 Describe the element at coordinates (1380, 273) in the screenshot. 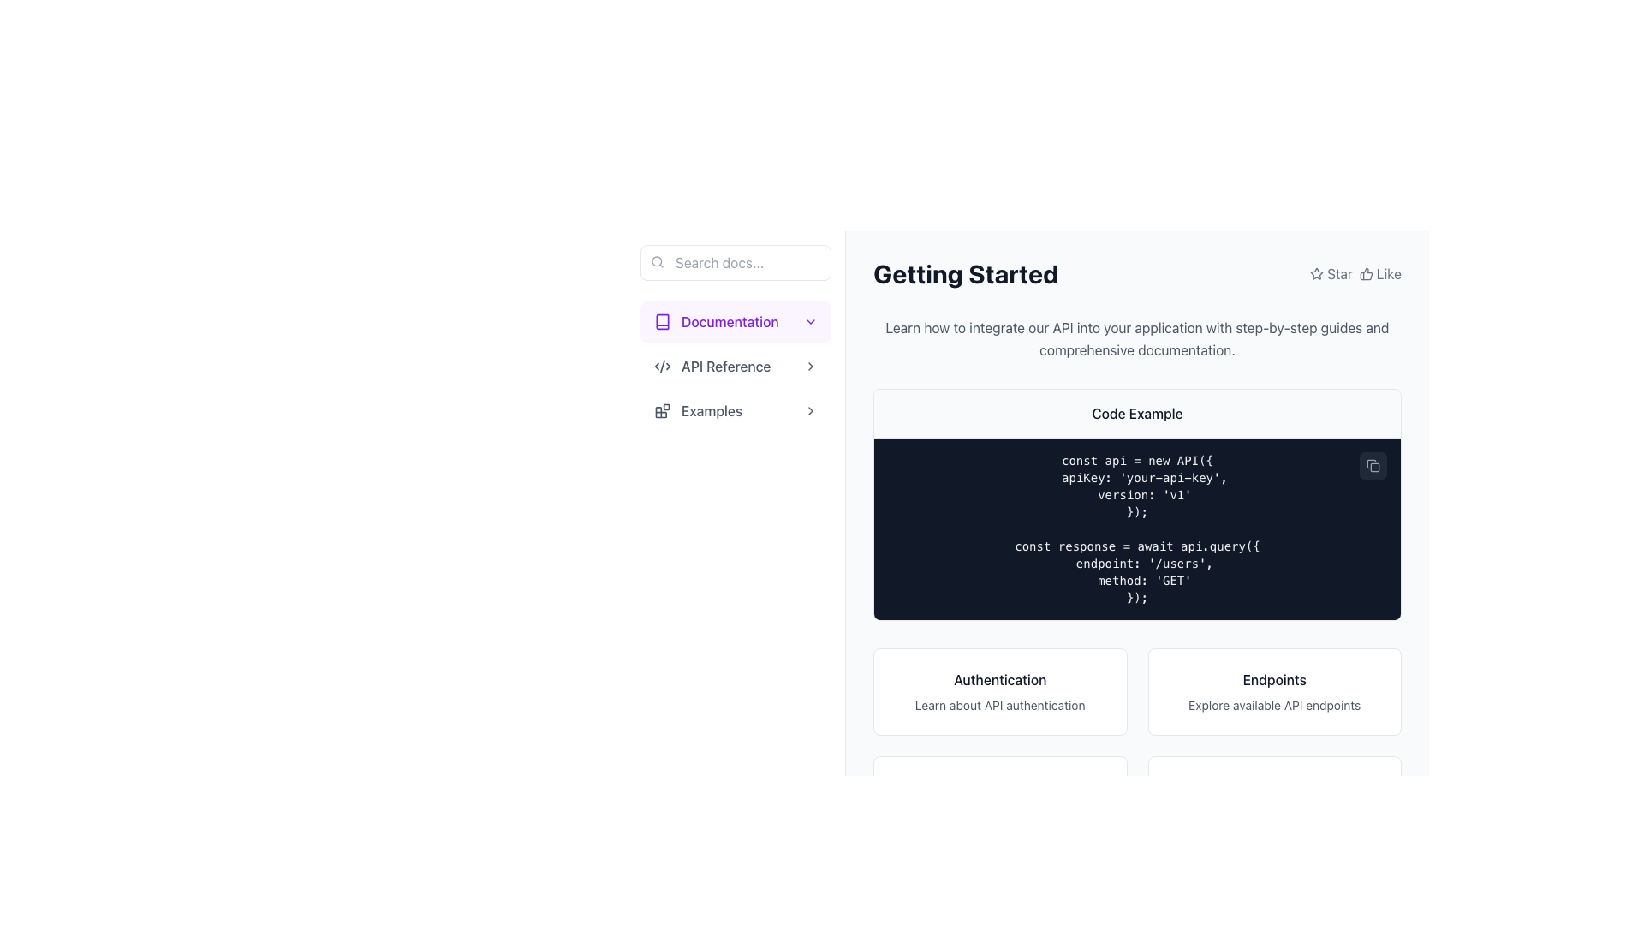

I see `the 'Like' button, which consists of a thumbs-up icon and the word 'Like', located in the top-right corner of the 'Getting Started' section` at that location.